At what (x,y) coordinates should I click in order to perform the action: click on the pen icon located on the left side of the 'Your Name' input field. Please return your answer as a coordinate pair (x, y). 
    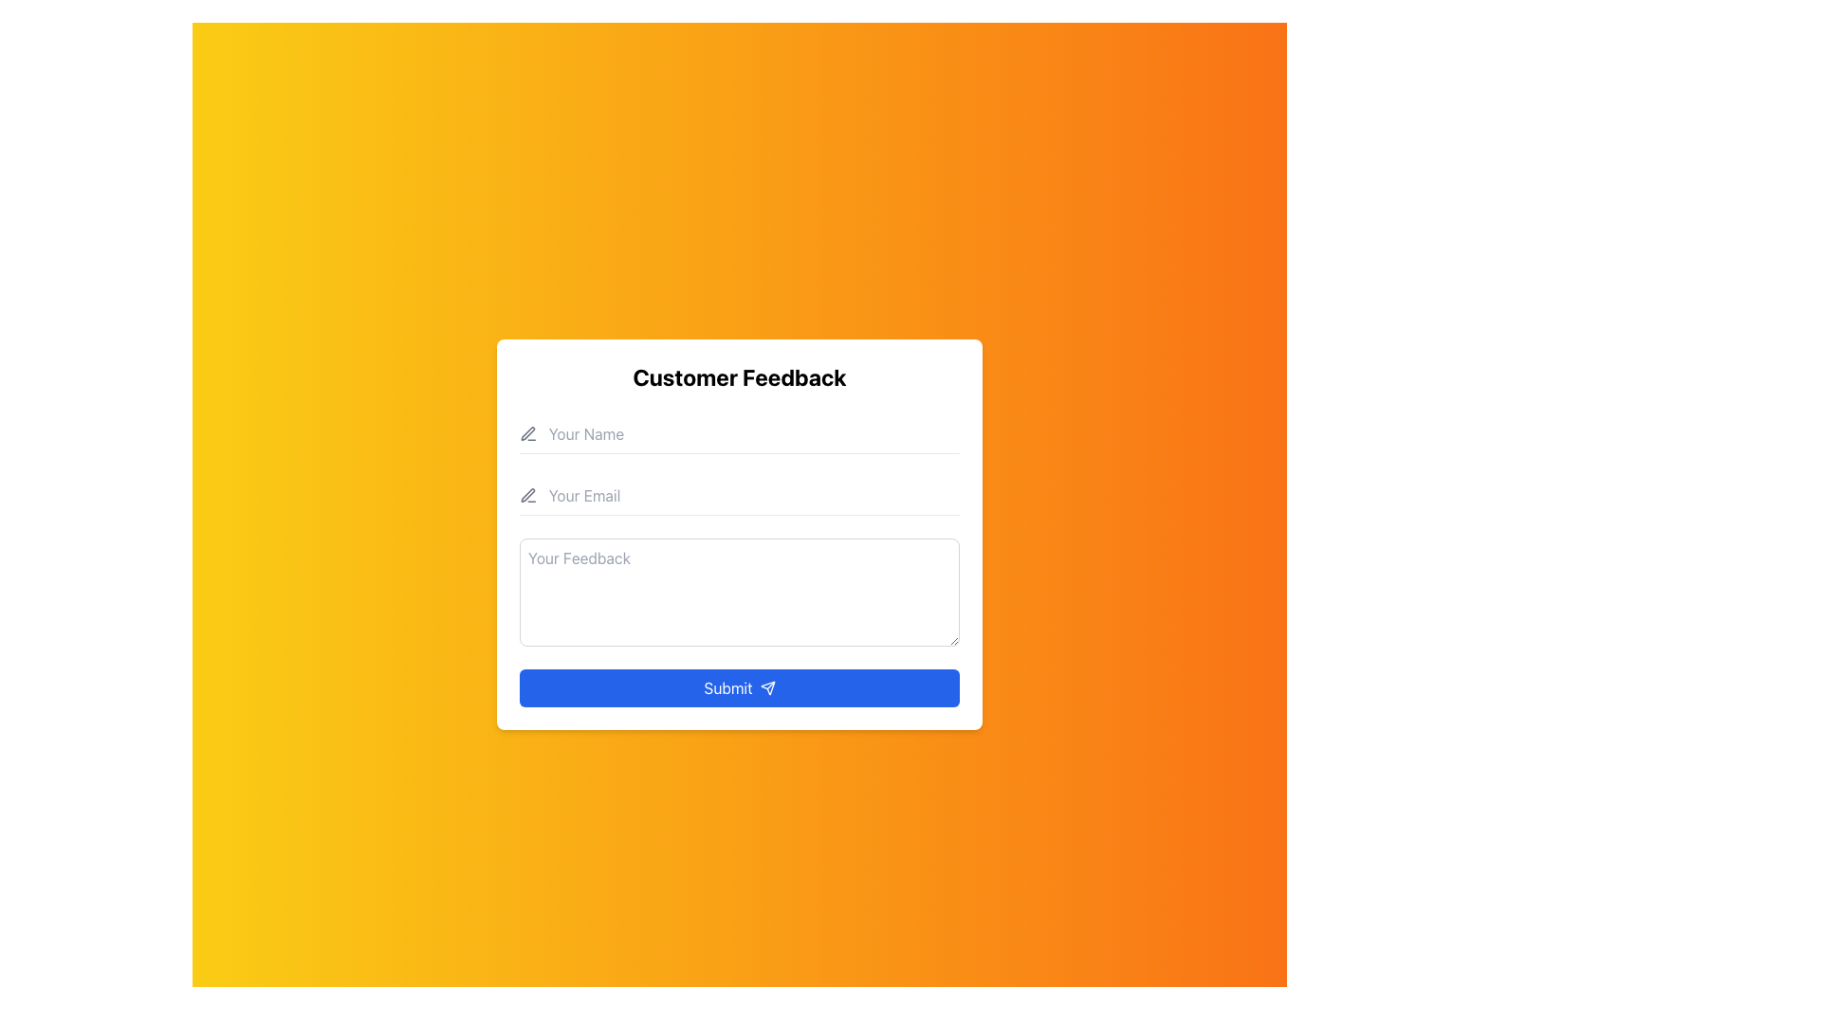
    Looking at the image, I should click on (528, 434).